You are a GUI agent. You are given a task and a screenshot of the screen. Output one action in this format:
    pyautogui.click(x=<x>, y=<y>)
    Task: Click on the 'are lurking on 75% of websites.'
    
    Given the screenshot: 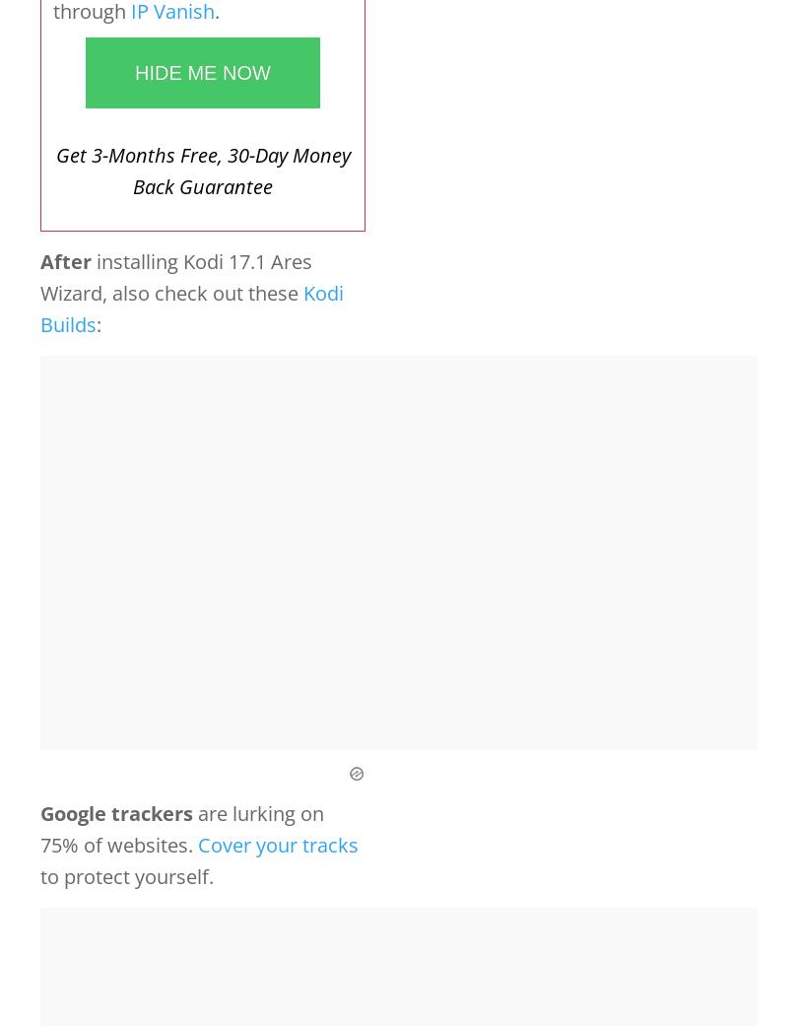 What is the action you would take?
    pyautogui.click(x=181, y=827)
    